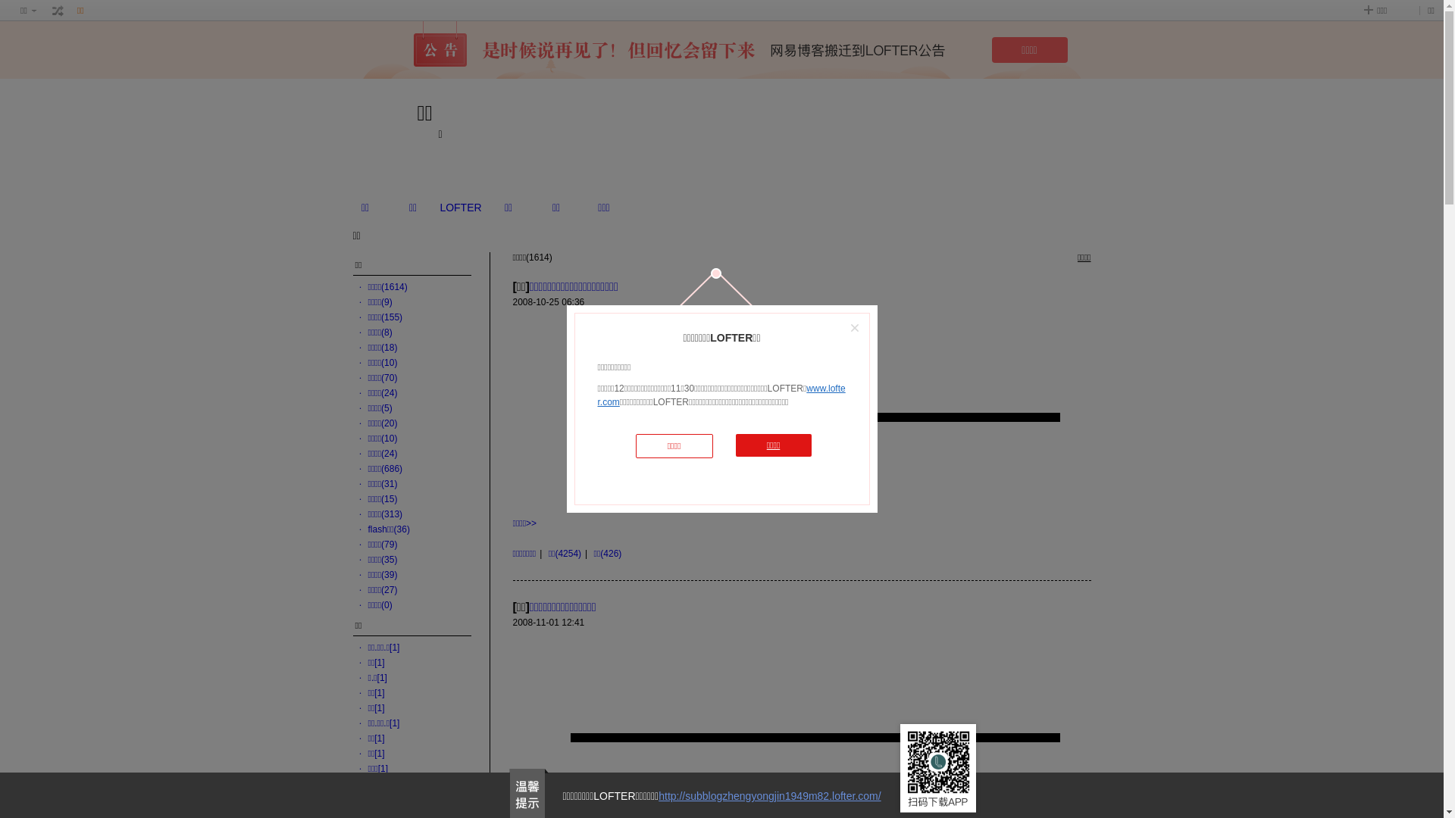 This screenshot has width=1455, height=818. Describe the element at coordinates (58, 11) in the screenshot. I see `' '` at that location.